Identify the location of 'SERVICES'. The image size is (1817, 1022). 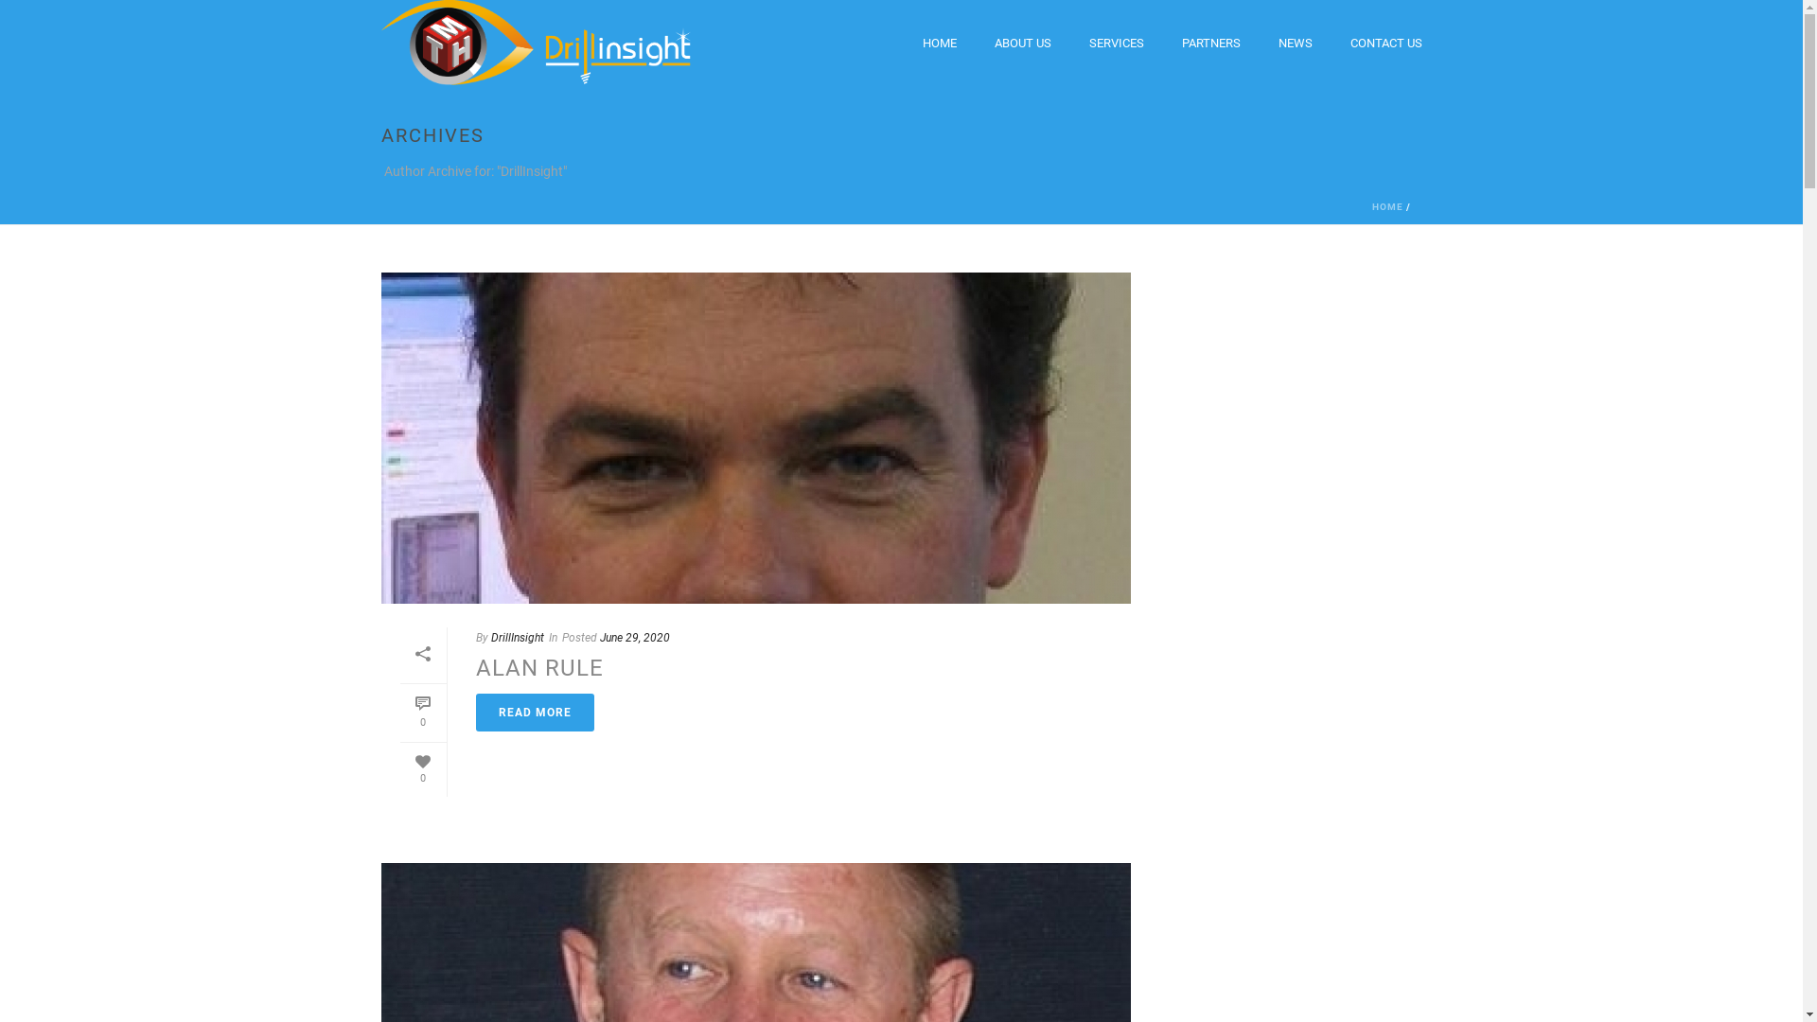
(1068, 43).